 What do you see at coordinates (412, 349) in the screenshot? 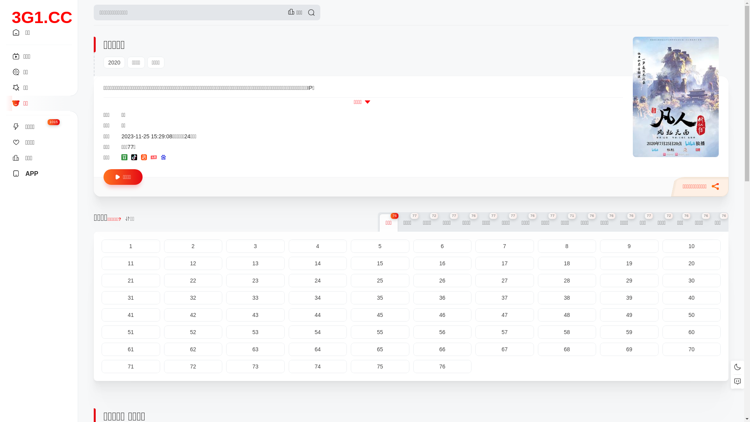
I see `'66'` at bounding box center [412, 349].